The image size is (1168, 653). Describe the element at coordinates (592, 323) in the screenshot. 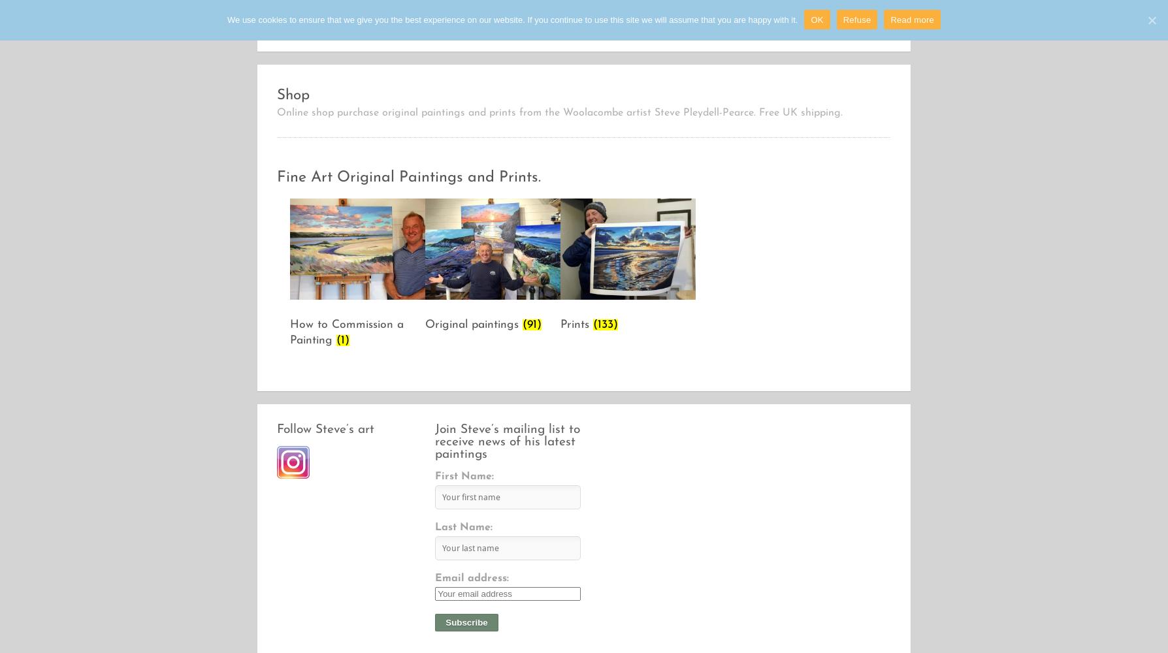

I see `'(133)'` at that location.